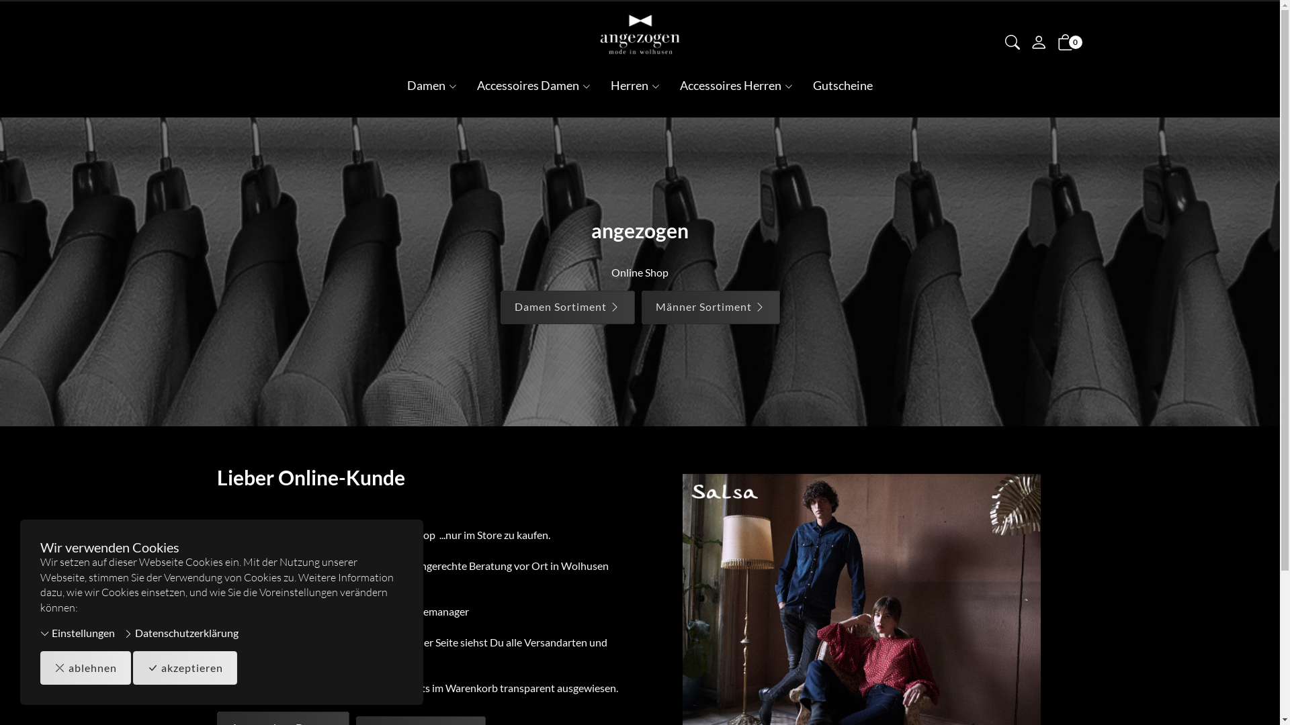  Describe the element at coordinates (533, 86) in the screenshot. I see `'Accessoires Damen'` at that location.